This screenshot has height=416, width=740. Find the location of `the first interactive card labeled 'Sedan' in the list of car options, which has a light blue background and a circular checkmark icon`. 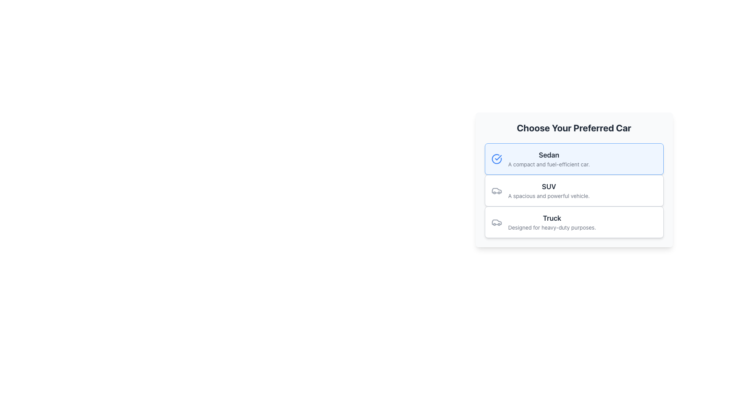

the first interactive card labeled 'Sedan' in the list of car options, which has a light blue background and a circular checkmark icon is located at coordinates (574, 158).